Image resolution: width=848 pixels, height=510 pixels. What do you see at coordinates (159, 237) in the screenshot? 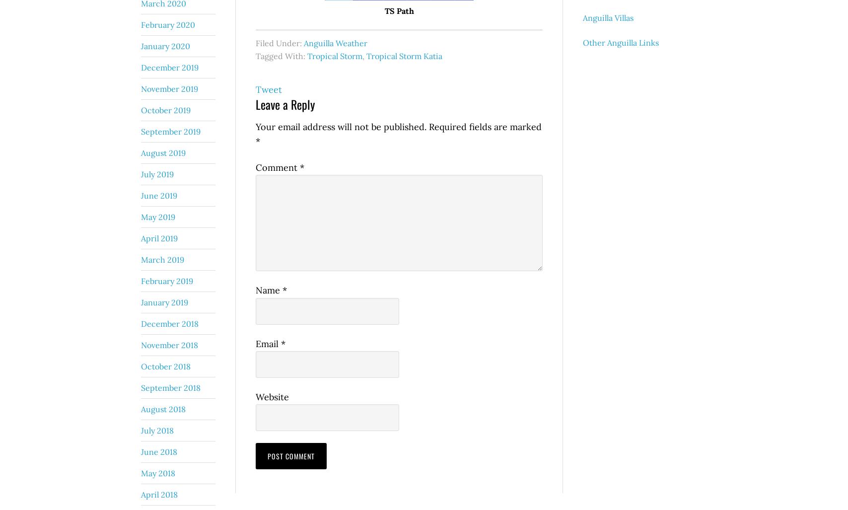
I see `'April 2019'` at bounding box center [159, 237].